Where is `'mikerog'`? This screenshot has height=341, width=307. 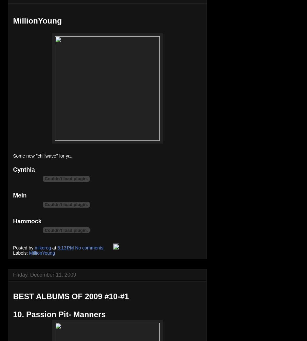 'mikerog' is located at coordinates (42, 247).